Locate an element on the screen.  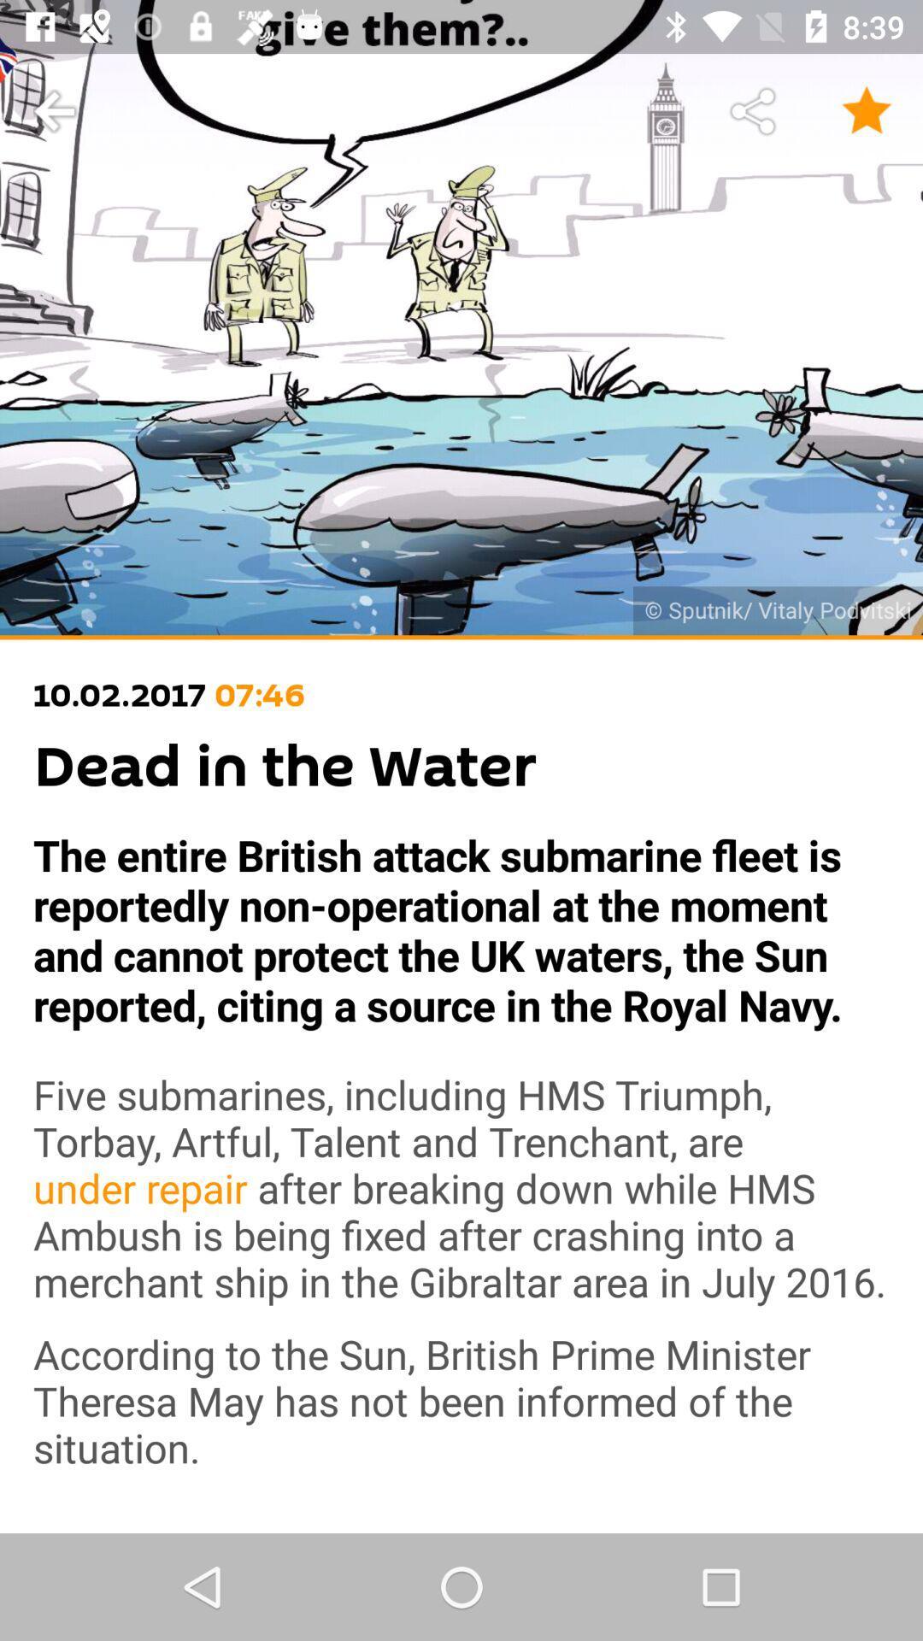
the share icon is located at coordinates (754, 111).